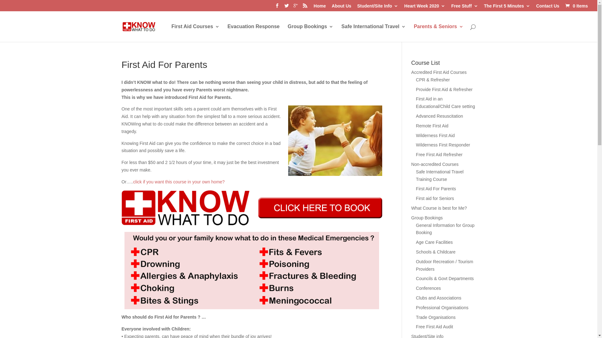  Describe the element at coordinates (439, 116) in the screenshot. I see `'Advanced Resuscitation'` at that location.